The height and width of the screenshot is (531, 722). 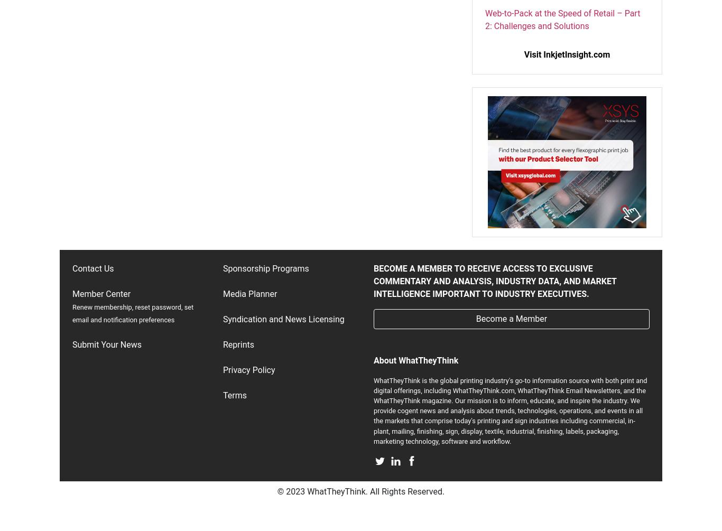 What do you see at coordinates (510, 410) in the screenshot?
I see `'WhatTheyThink is the global printing industry's go-to information source with both print and digital offerings, including WhatTheyThink.com, WhatTheyThink Email Newsletters, and the WhatTheyThink magazine. Our mission is to inform, educate, and inspire the industry. We provide cogent news and analysis about trends, technologies, operations, and events in all the markets that comprise today's printing and sign industries including commercial, in-plant, mailing, finishing, sign, display, textile, industrial, finishing, labels, packaging, marketing technology, software and workflow.'` at bounding box center [510, 410].